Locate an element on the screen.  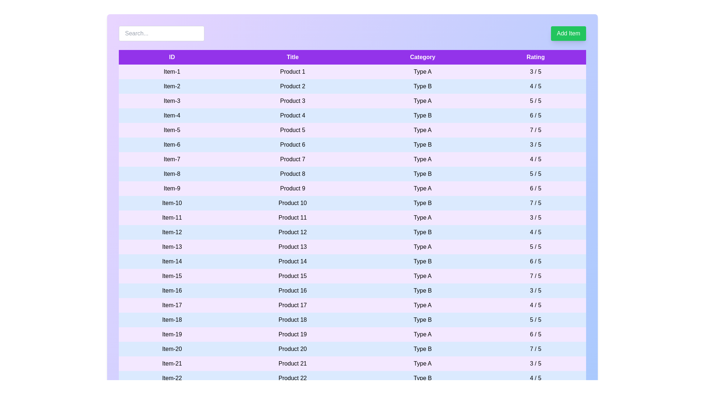
the table header labeled Rating to sort the column is located at coordinates (535, 57).